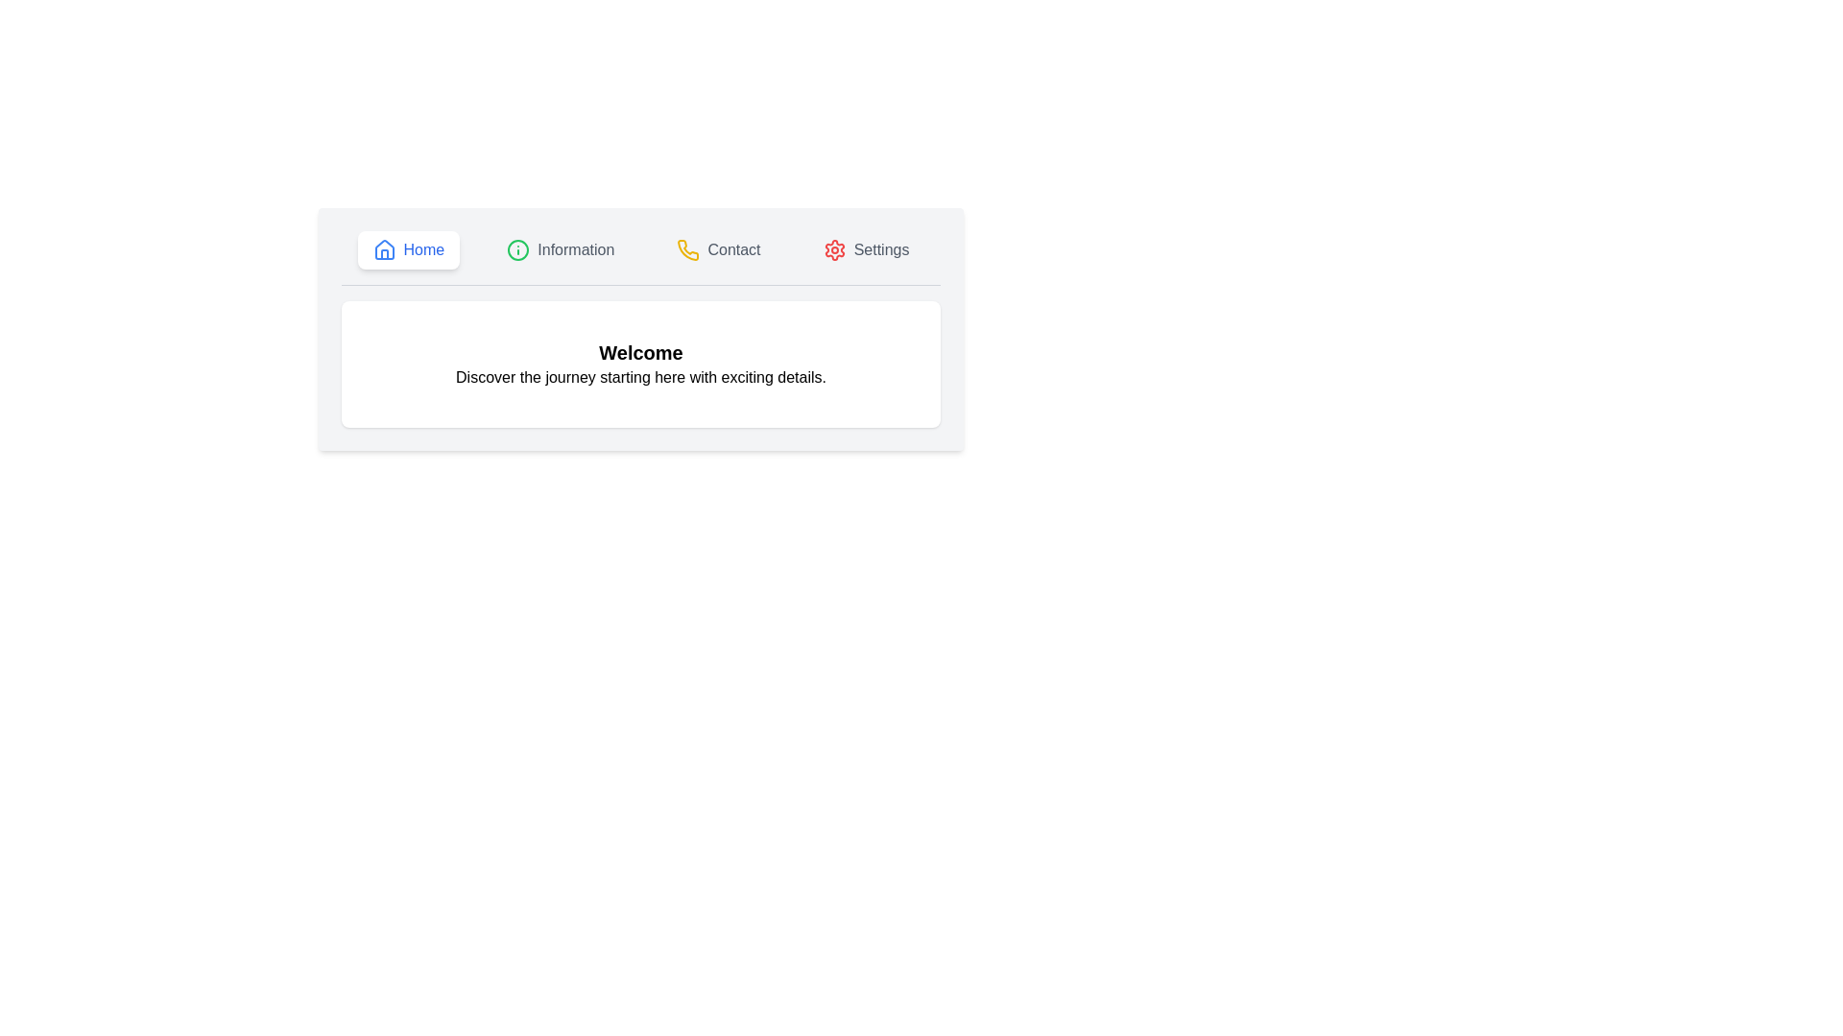 The width and height of the screenshot is (1843, 1036). What do you see at coordinates (834, 249) in the screenshot?
I see `the clickable icon` at bounding box center [834, 249].